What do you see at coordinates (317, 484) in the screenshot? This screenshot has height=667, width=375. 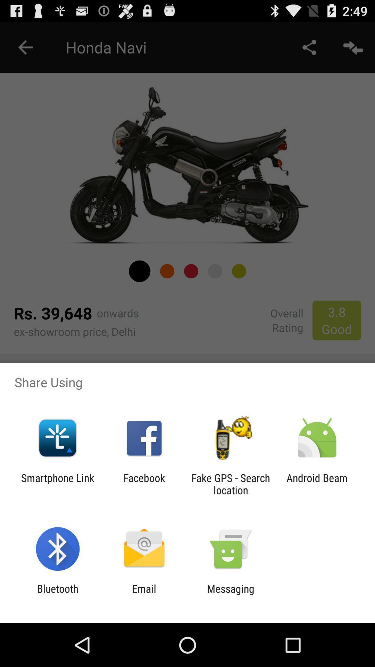 I see `the icon at the bottom right corner` at bounding box center [317, 484].